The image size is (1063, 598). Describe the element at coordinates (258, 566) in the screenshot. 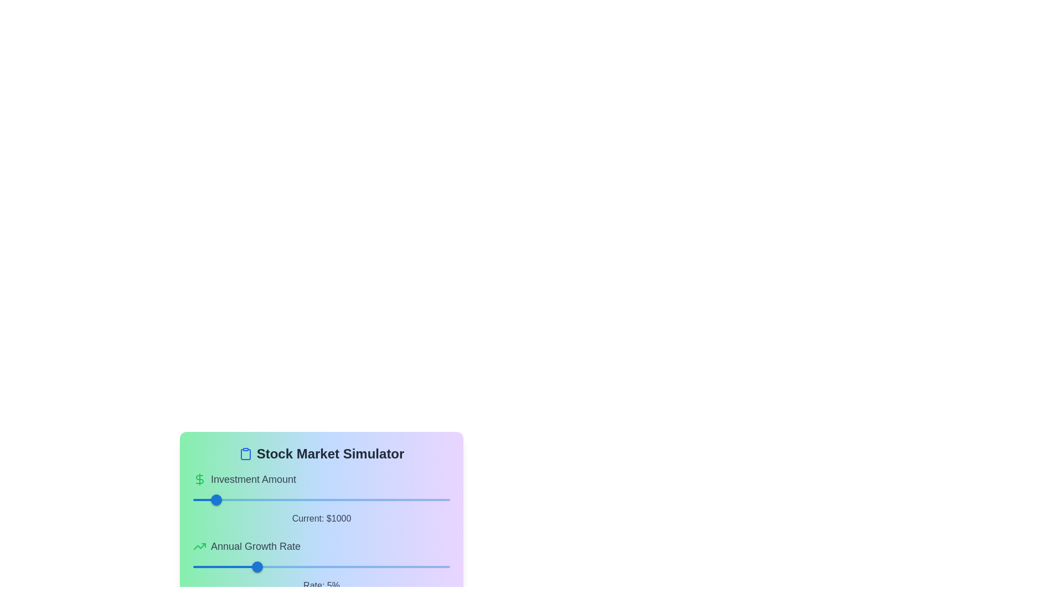

I see `the slider value` at that location.